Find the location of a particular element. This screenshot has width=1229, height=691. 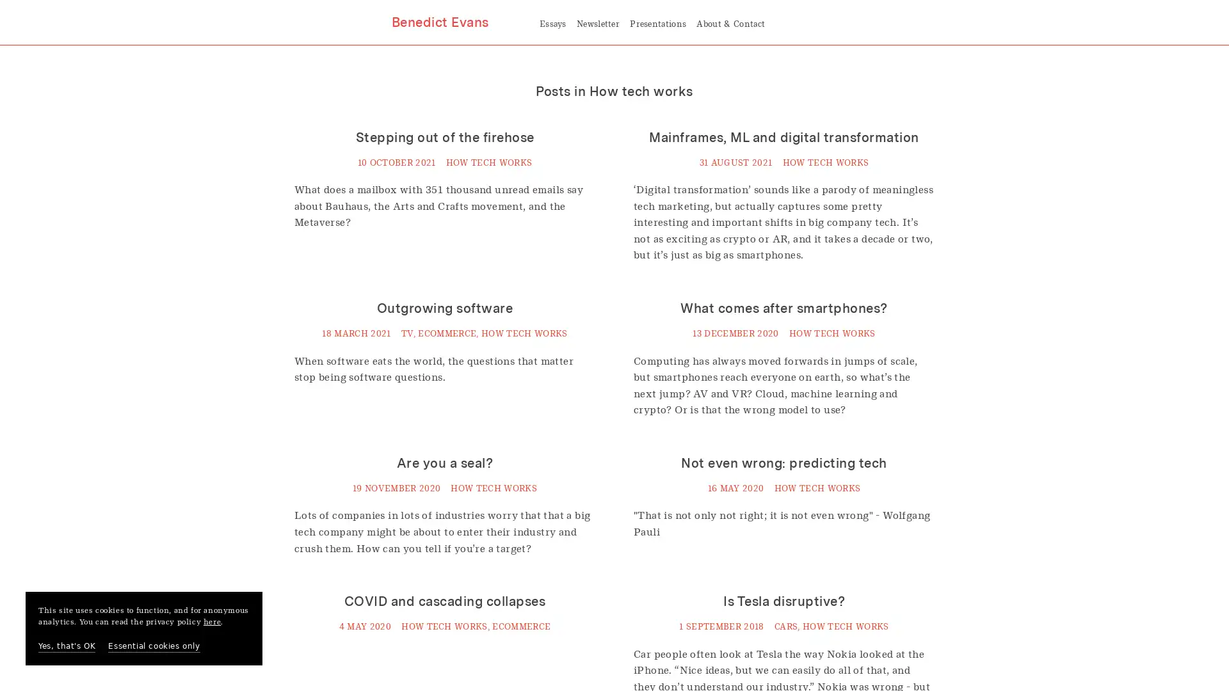

Yes, that's OK is located at coordinates (66, 646).